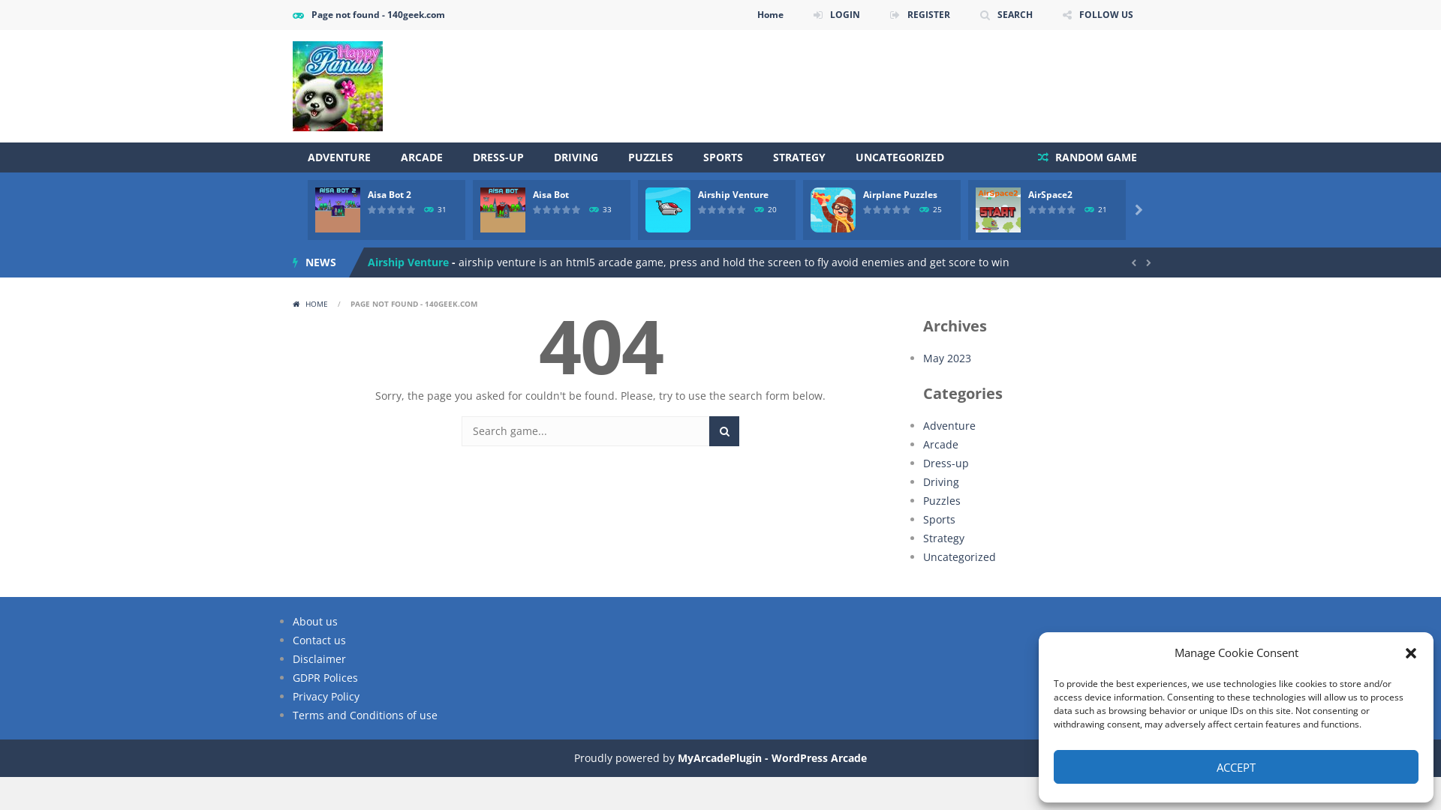 This screenshot has height=810, width=1441. I want to click on 'ARCADE', so click(420, 157).